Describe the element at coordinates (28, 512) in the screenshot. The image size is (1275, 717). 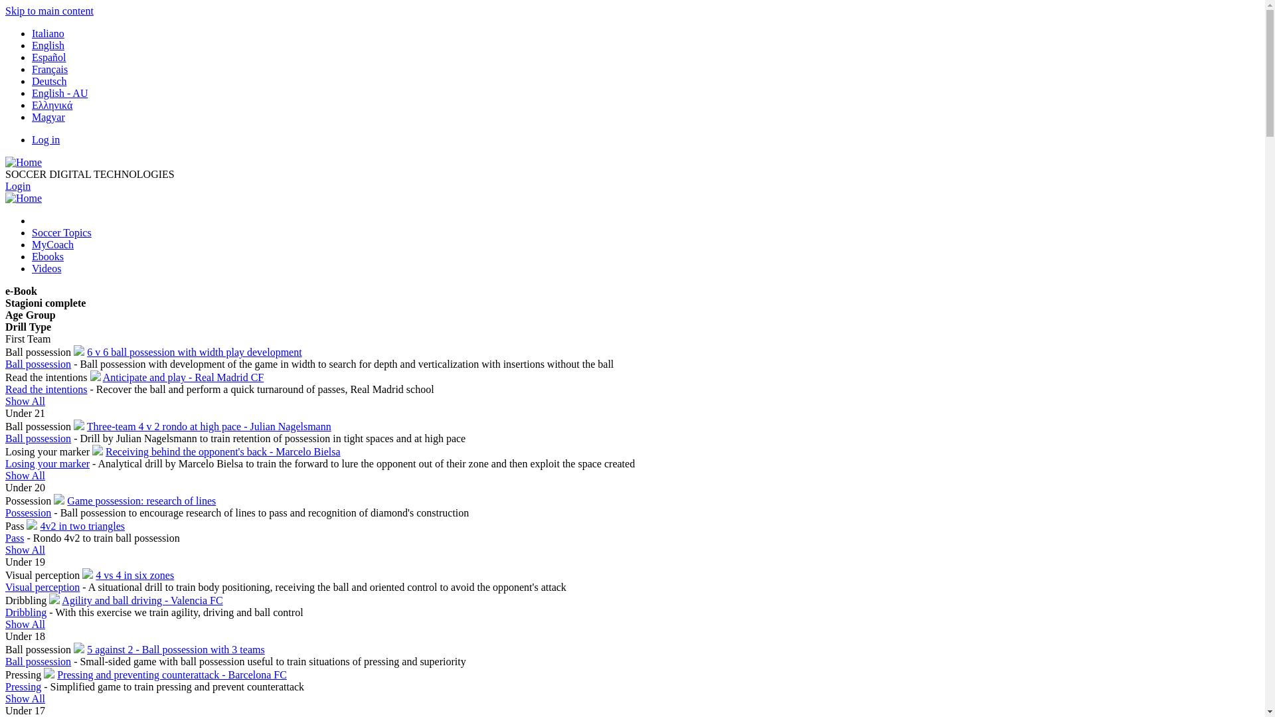
I see `'Possession'` at that location.